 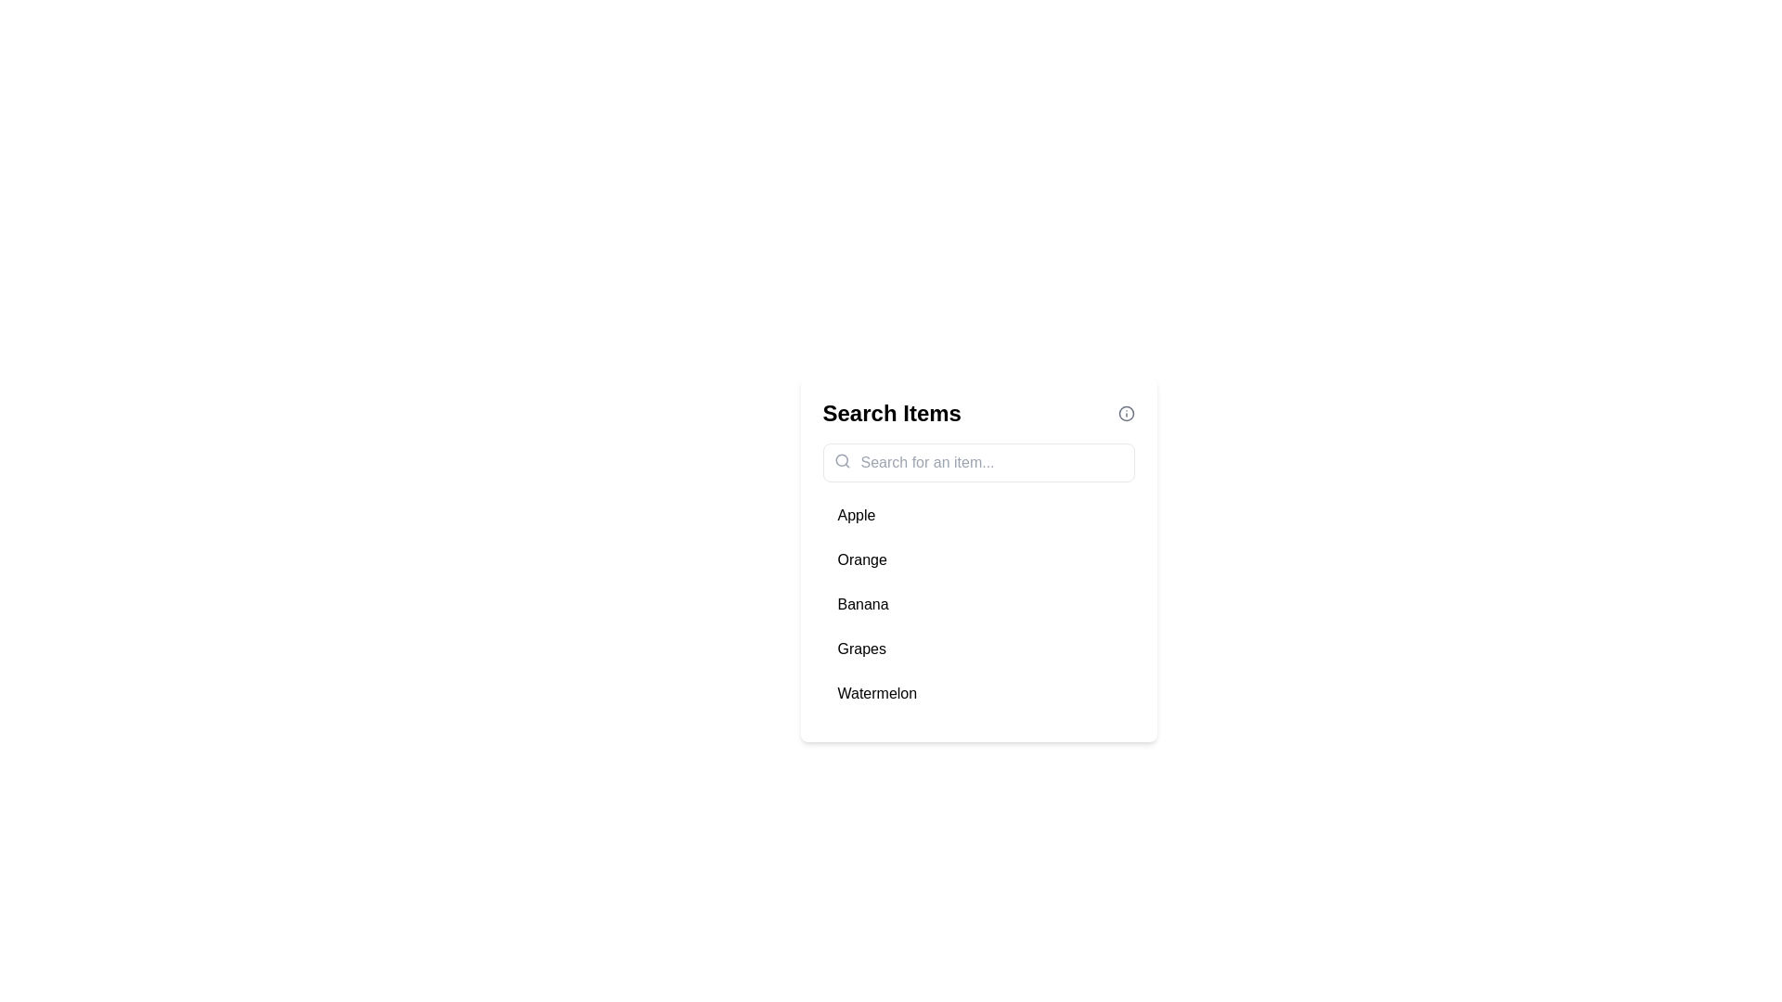 I want to click on the item Apple from the list, so click(x=977, y=515).